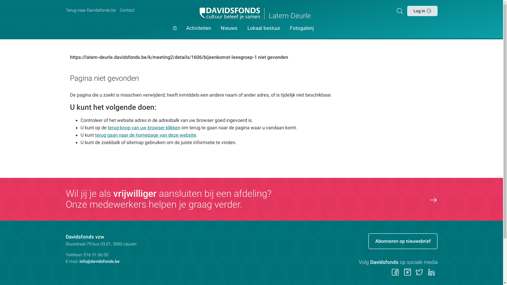 Image resolution: width=507 pixels, height=285 pixels. What do you see at coordinates (127, 10) in the screenshot?
I see `'Contact'` at bounding box center [127, 10].